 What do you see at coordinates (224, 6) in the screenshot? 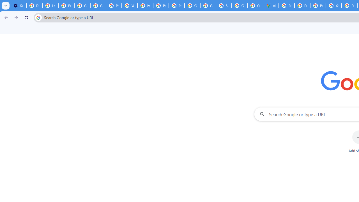
I see `'Sign in - Google Accounts'` at bounding box center [224, 6].